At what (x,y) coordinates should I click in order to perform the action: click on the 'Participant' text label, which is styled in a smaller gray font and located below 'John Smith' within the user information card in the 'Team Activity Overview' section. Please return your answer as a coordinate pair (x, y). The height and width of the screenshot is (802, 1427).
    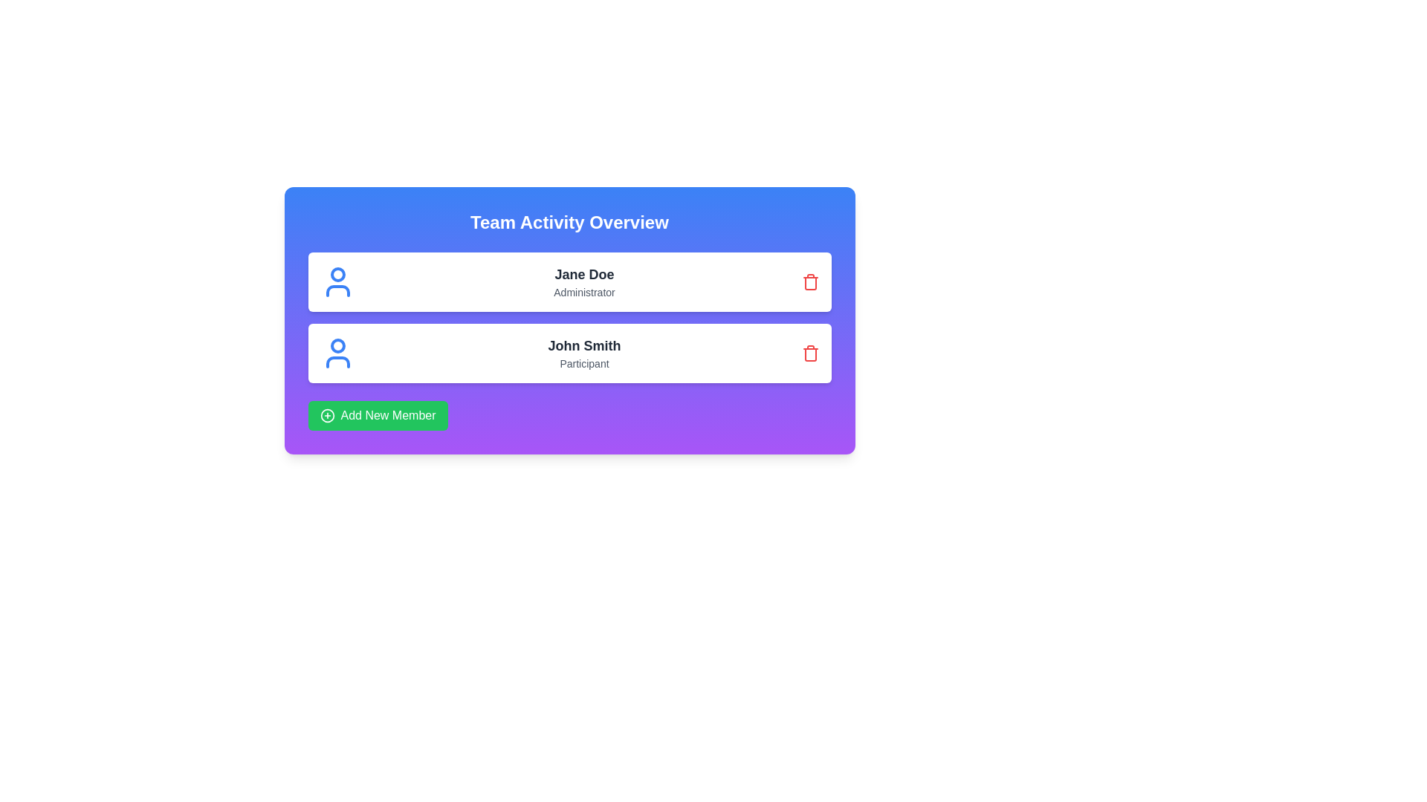
    Looking at the image, I should click on (583, 363).